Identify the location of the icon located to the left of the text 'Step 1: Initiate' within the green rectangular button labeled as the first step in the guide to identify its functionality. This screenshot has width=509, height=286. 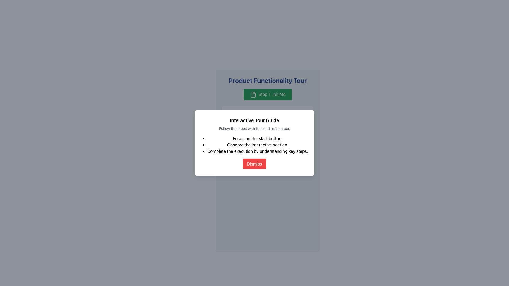
(253, 94).